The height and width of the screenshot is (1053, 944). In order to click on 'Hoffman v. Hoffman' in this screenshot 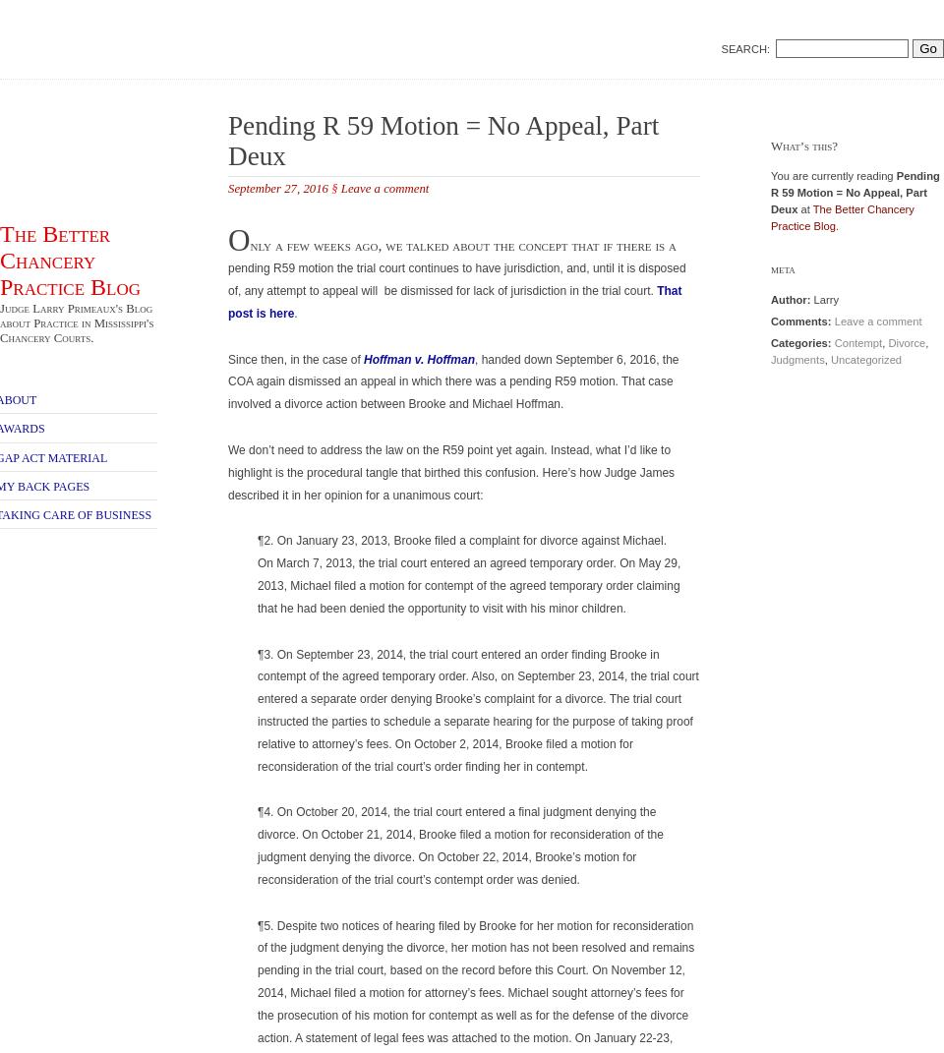, I will do `click(419, 357)`.